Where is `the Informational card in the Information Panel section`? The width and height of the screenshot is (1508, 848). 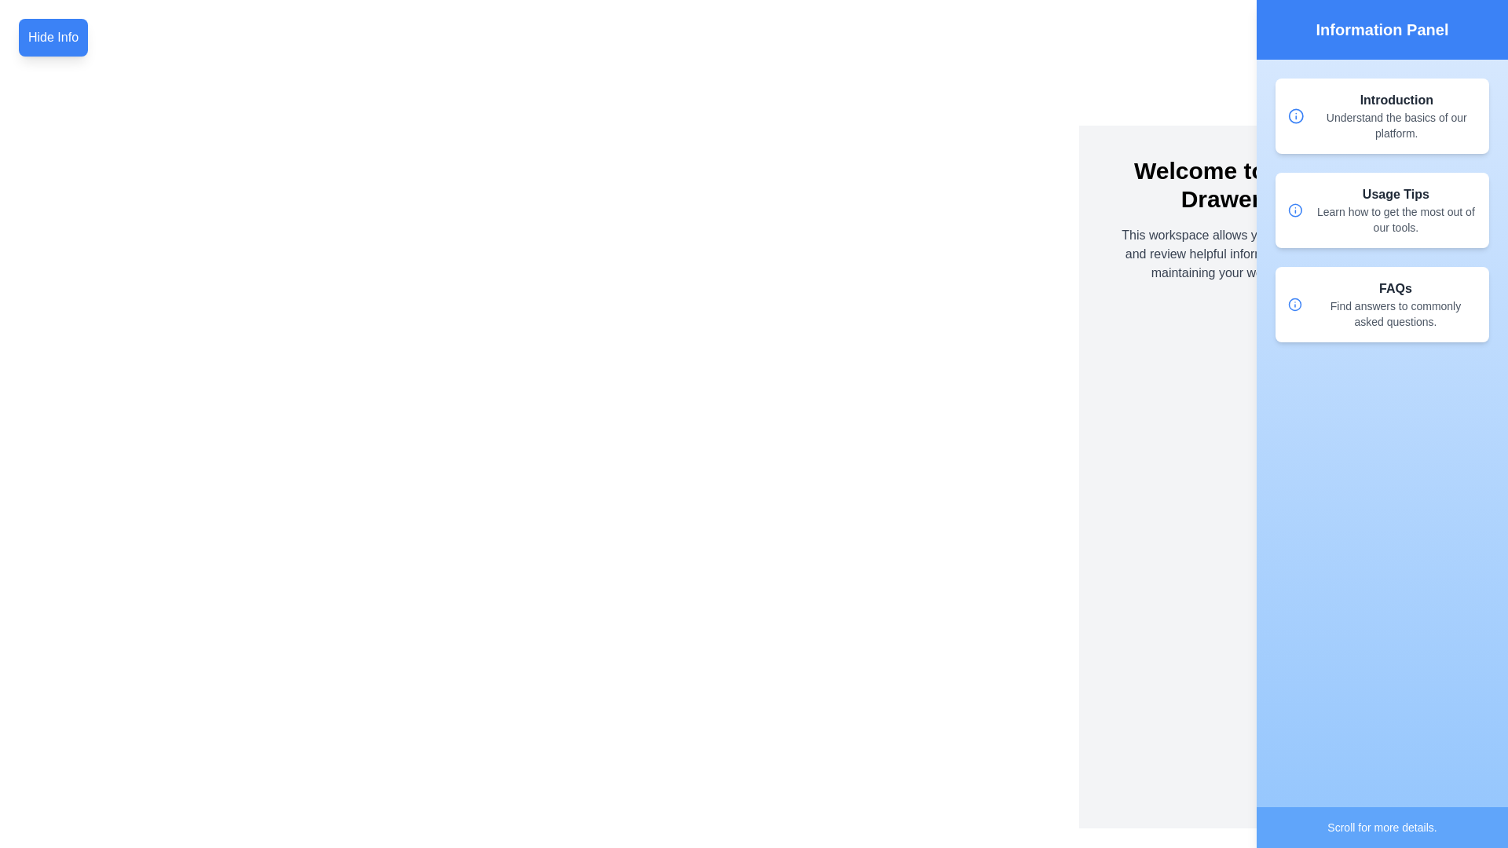
the Informational card in the Information Panel section is located at coordinates (1382, 305).